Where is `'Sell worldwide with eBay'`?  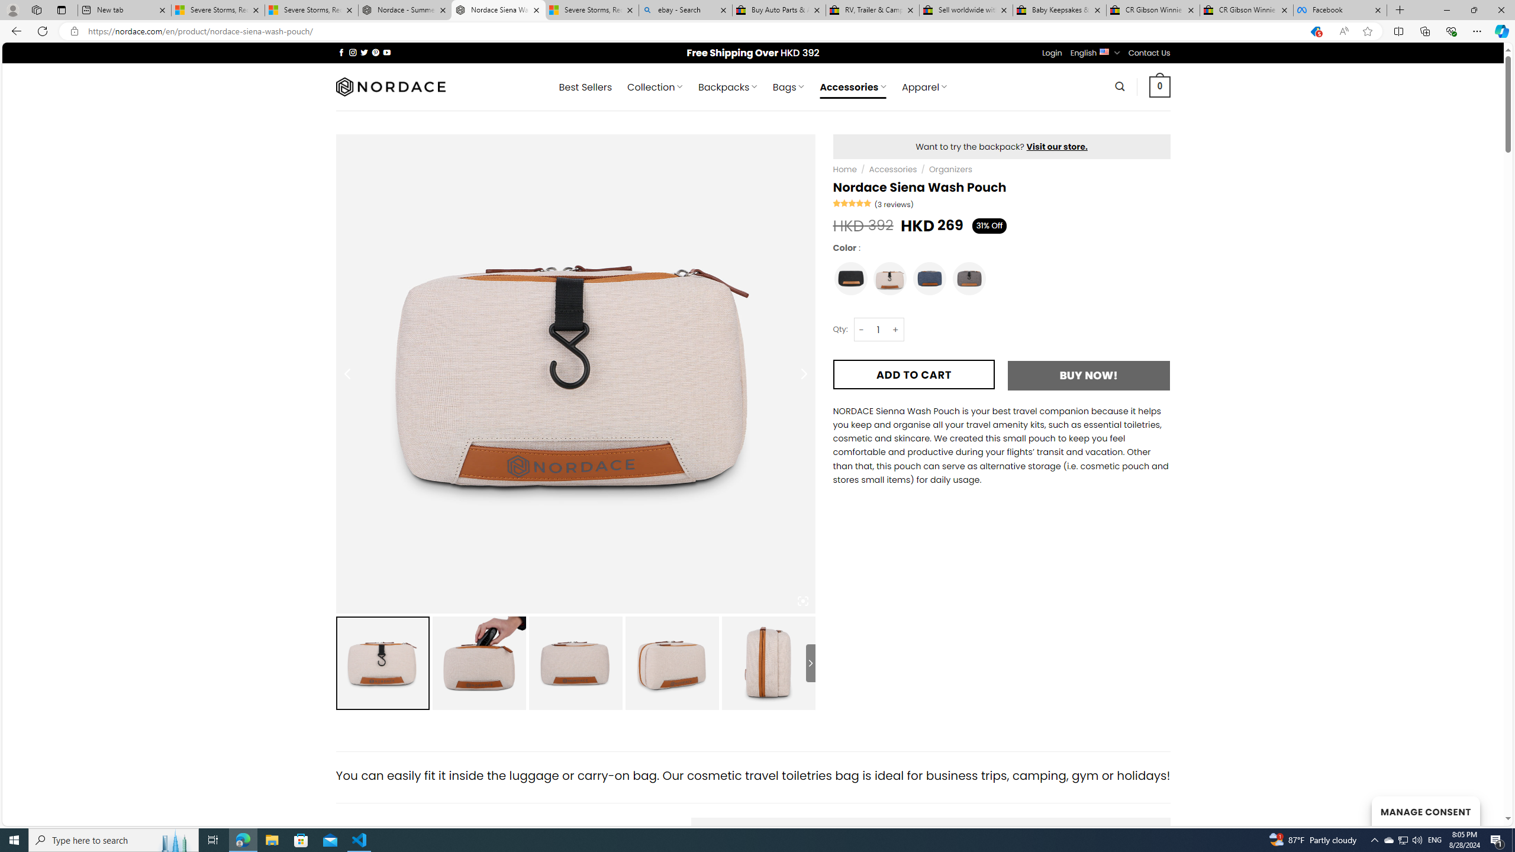 'Sell worldwide with eBay' is located at coordinates (966, 9).